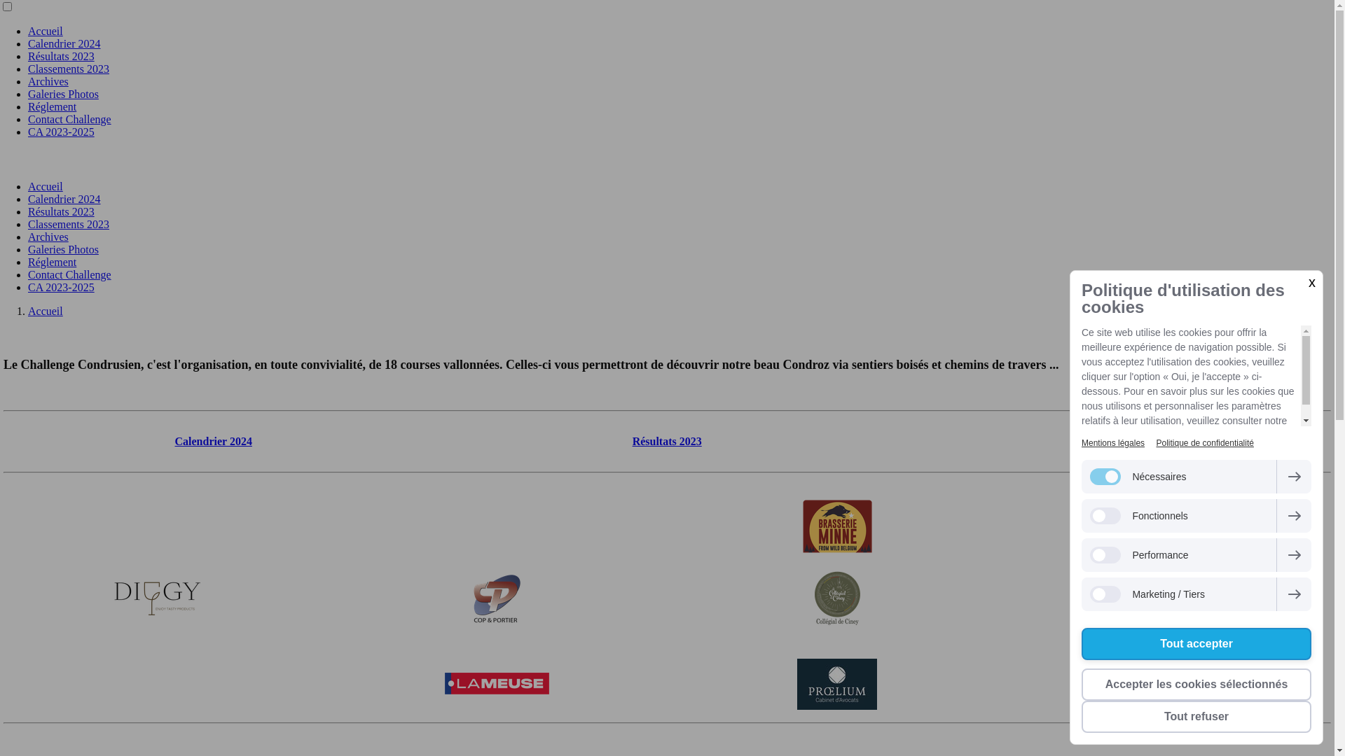 This screenshot has height=756, width=1345. What do you see at coordinates (1119, 441) in the screenshot?
I see `'Classements 2023'` at bounding box center [1119, 441].